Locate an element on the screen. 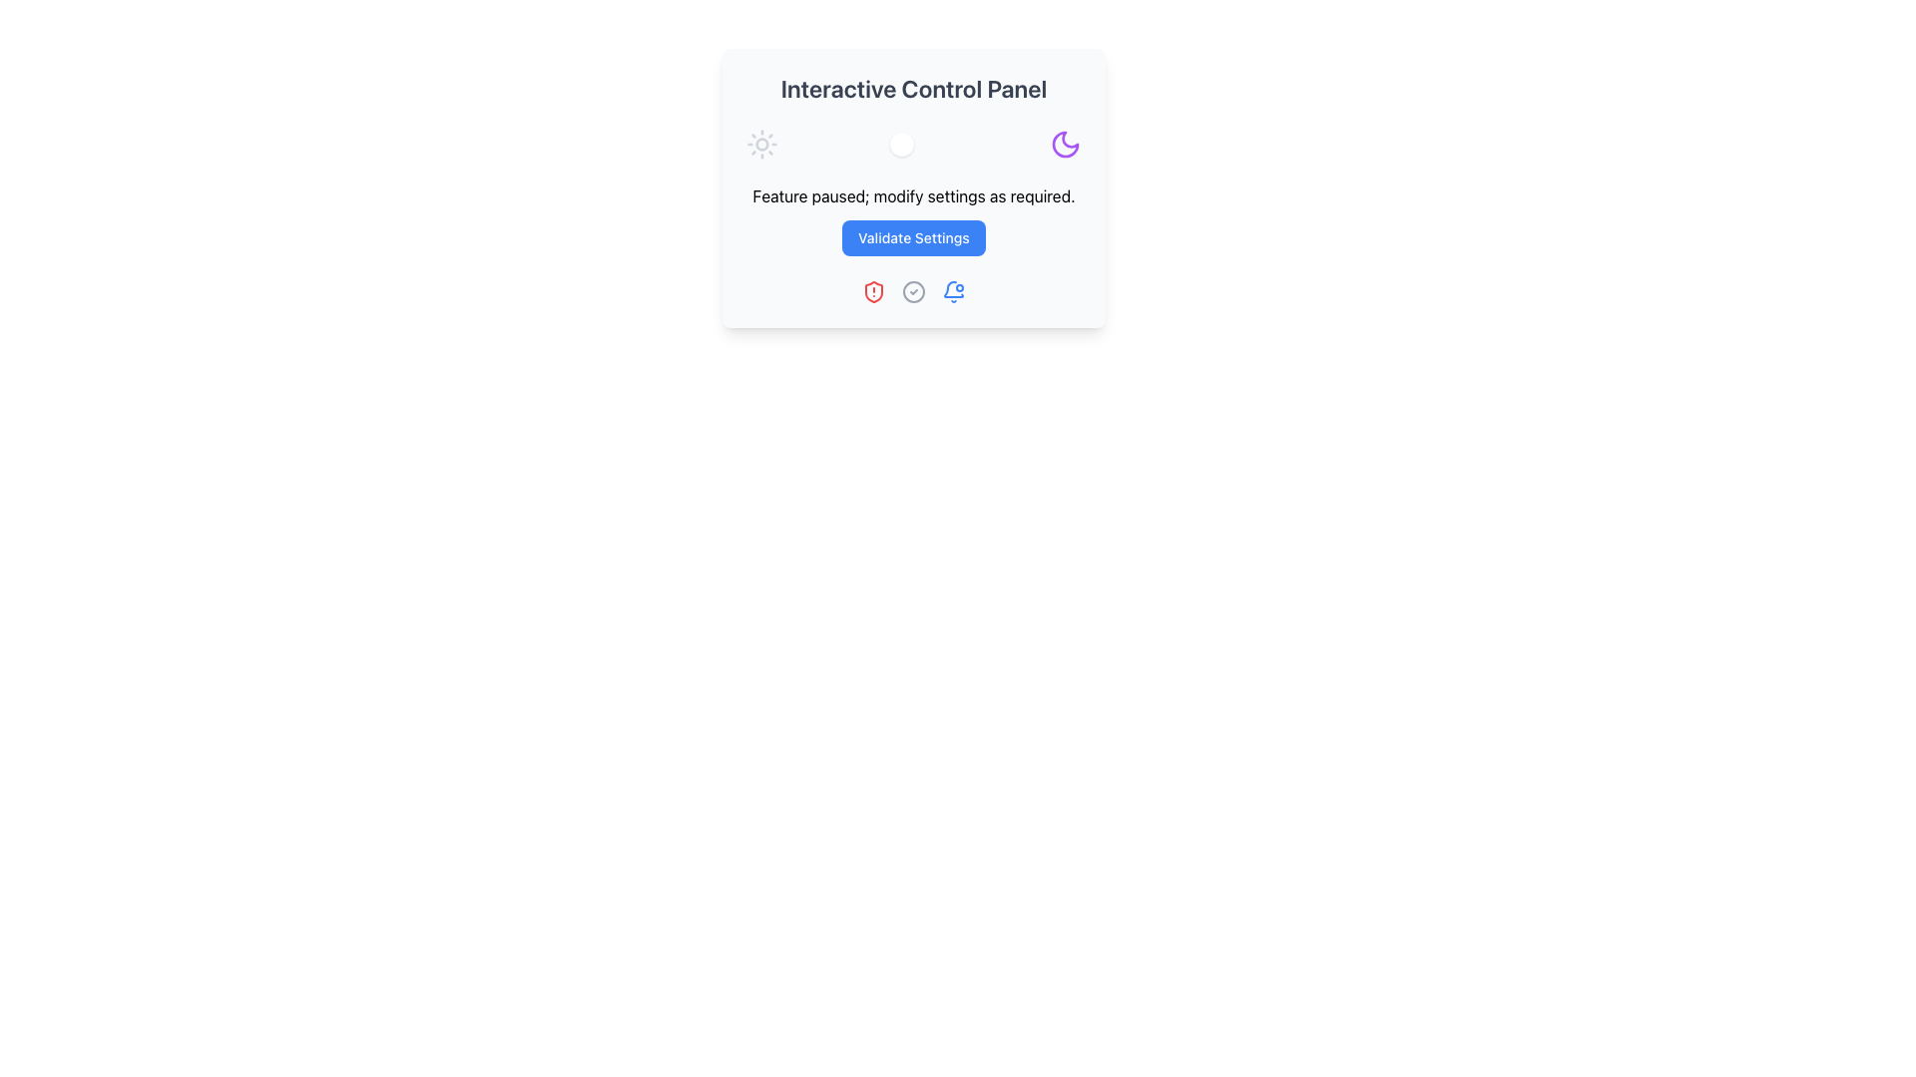 The image size is (1916, 1077). the leftmost circle SVG element within the icon group below the 'Validate Settings' button in the modal is located at coordinates (913, 292).